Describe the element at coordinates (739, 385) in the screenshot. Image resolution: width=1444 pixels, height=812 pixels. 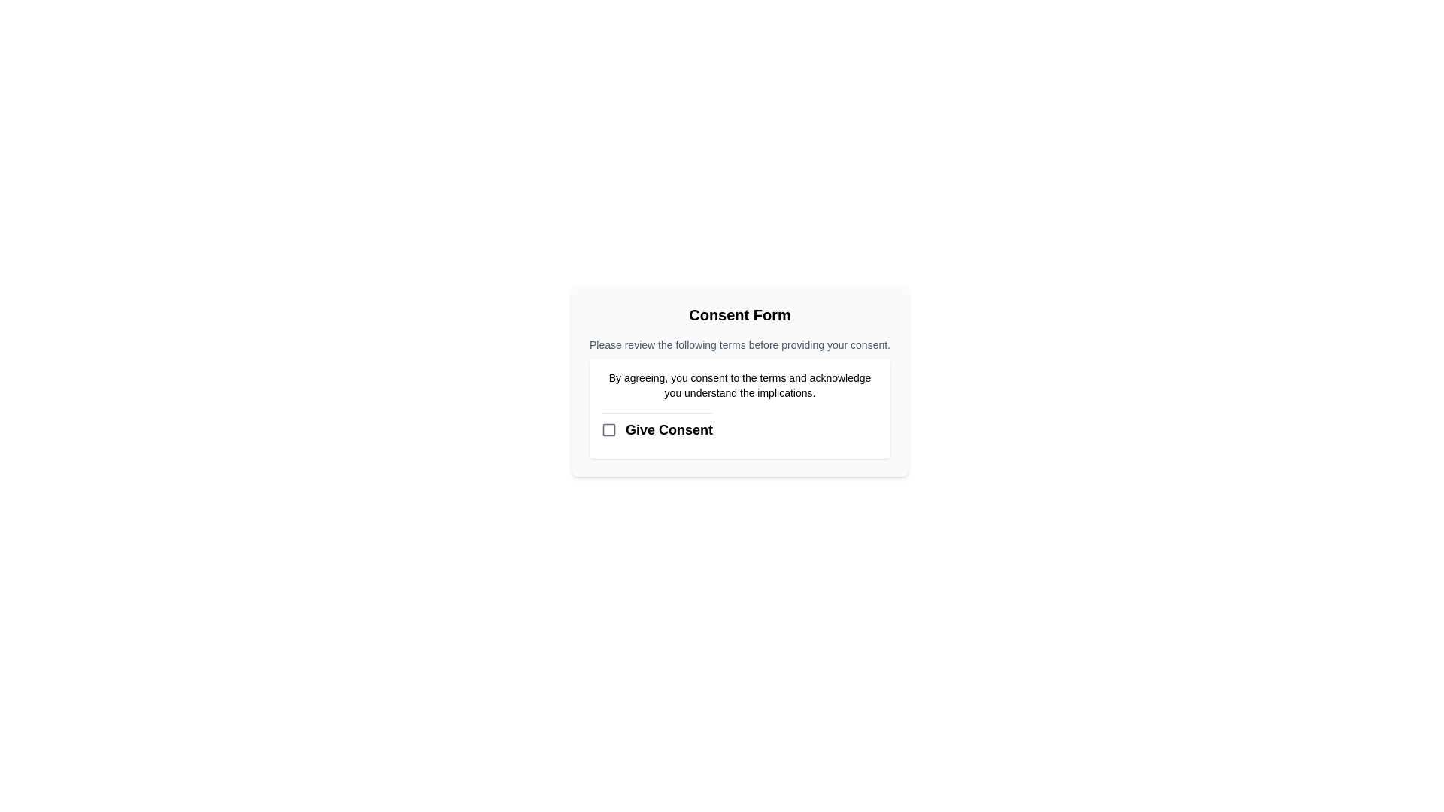
I see `the detailed information text about the agreement consent, which is positioned directly above the checkbox in the consent form` at that location.